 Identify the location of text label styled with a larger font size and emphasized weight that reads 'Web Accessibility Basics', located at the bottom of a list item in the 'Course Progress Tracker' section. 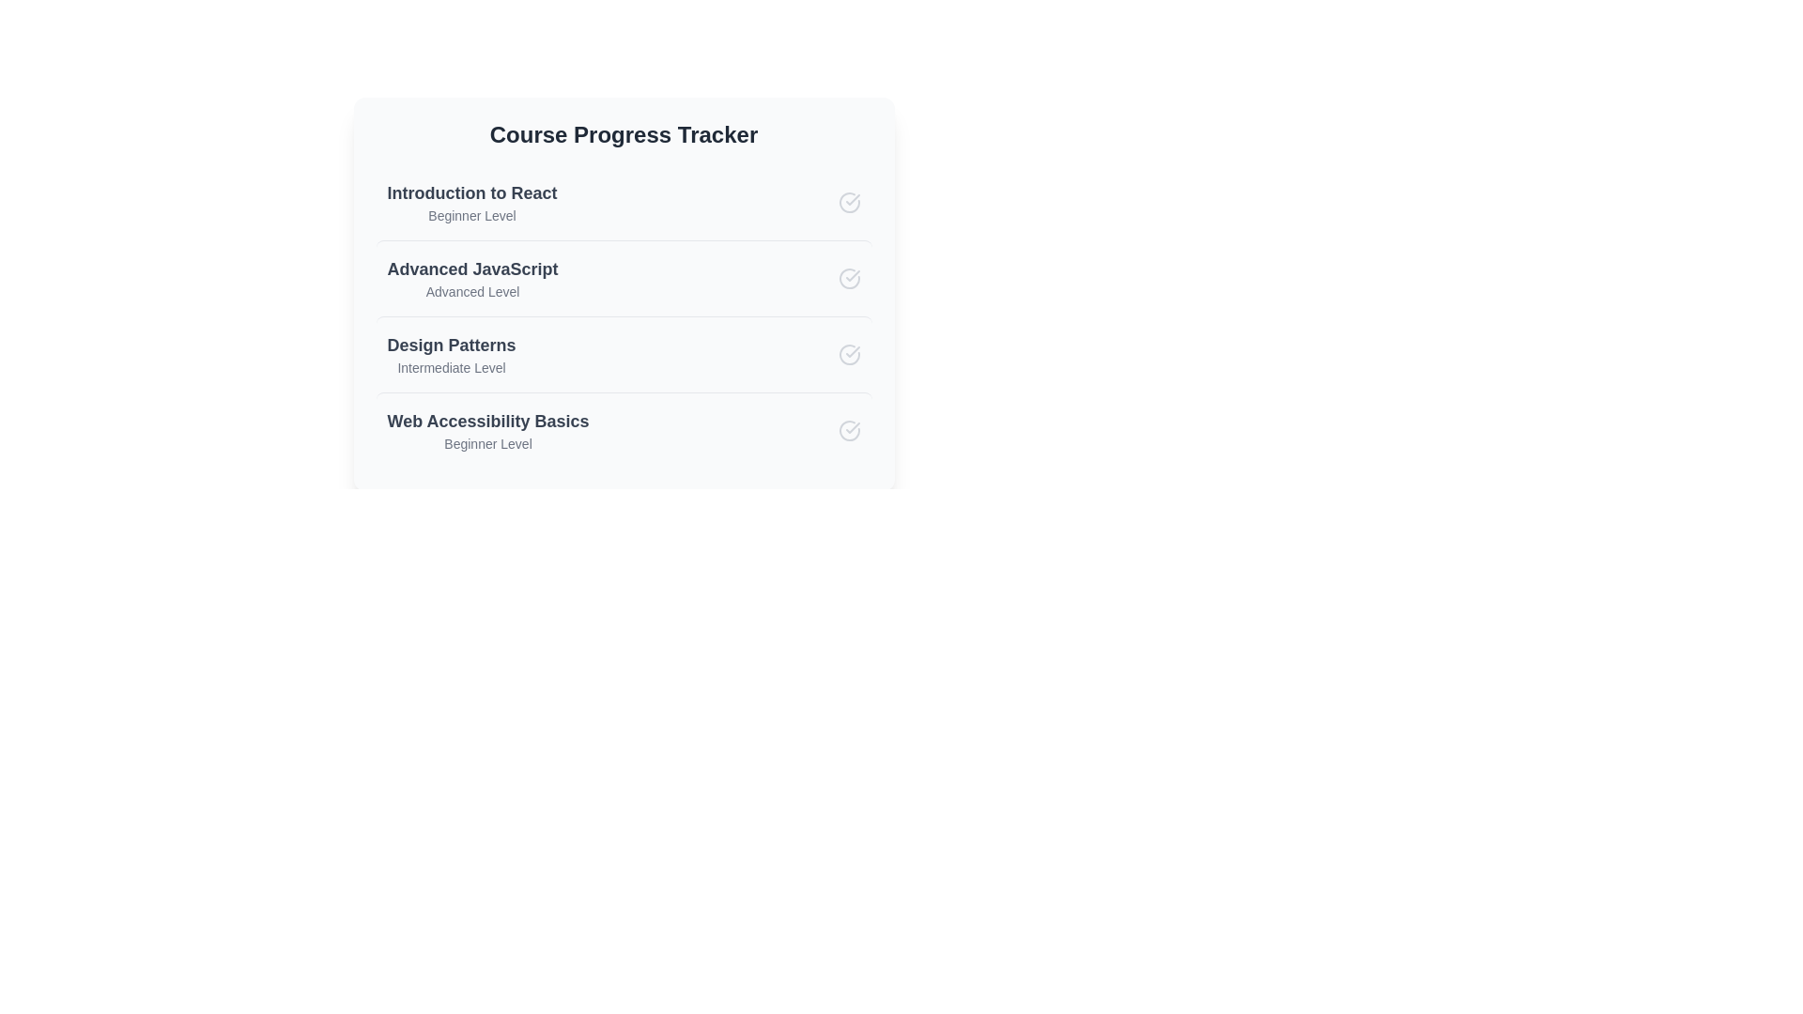
(488, 420).